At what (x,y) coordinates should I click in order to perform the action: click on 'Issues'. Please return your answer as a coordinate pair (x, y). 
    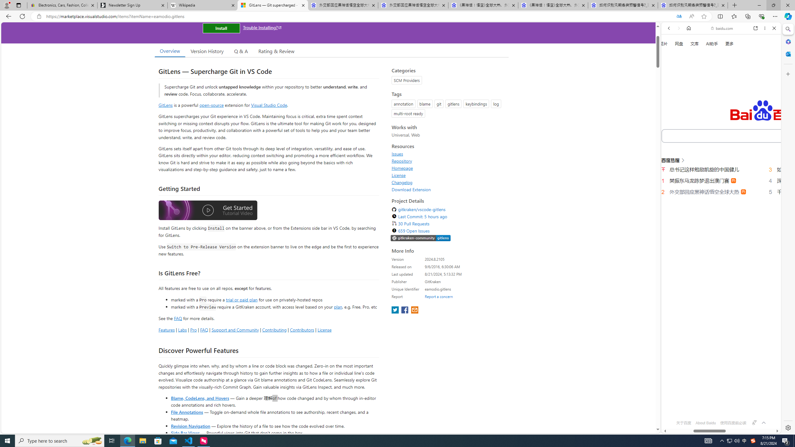
    Looking at the image, I should click on (397, 154).